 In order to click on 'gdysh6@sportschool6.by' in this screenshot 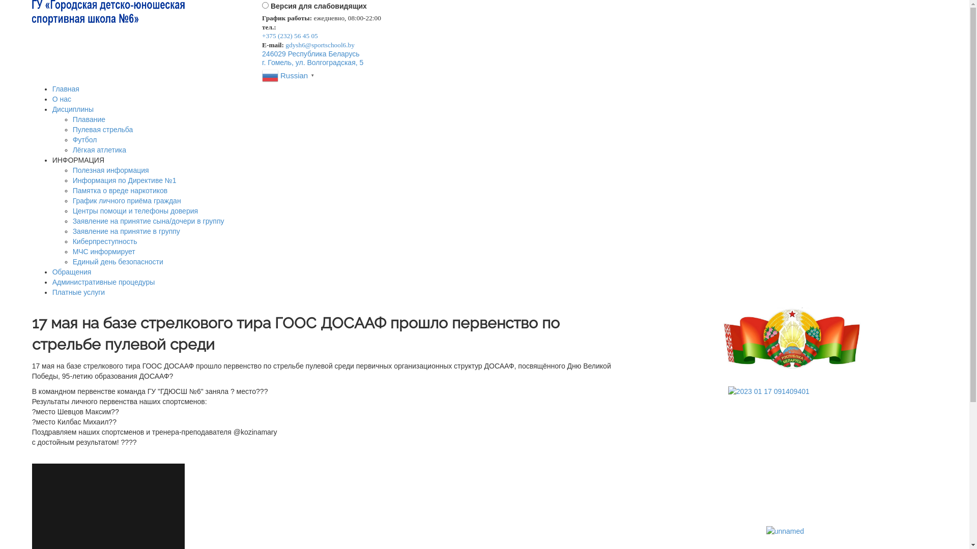, I will do `click(285, 44)`.